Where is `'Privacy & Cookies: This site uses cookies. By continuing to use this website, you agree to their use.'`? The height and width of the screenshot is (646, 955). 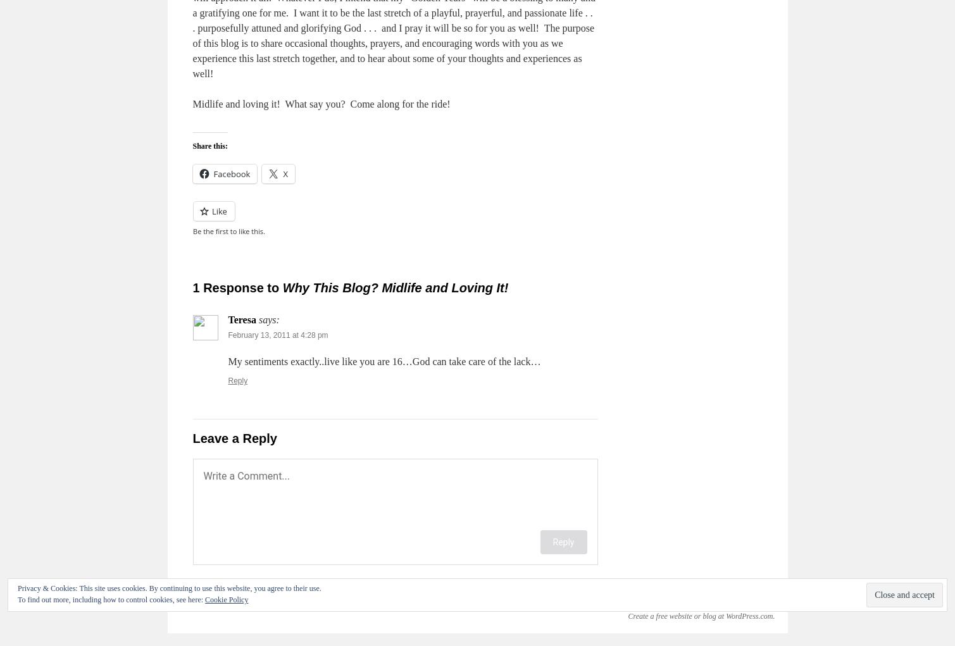 'Privacy & Cookies: This site uses cookies. By continuing to use this website, you agree to their use.' is located at coordinates (168, 588).